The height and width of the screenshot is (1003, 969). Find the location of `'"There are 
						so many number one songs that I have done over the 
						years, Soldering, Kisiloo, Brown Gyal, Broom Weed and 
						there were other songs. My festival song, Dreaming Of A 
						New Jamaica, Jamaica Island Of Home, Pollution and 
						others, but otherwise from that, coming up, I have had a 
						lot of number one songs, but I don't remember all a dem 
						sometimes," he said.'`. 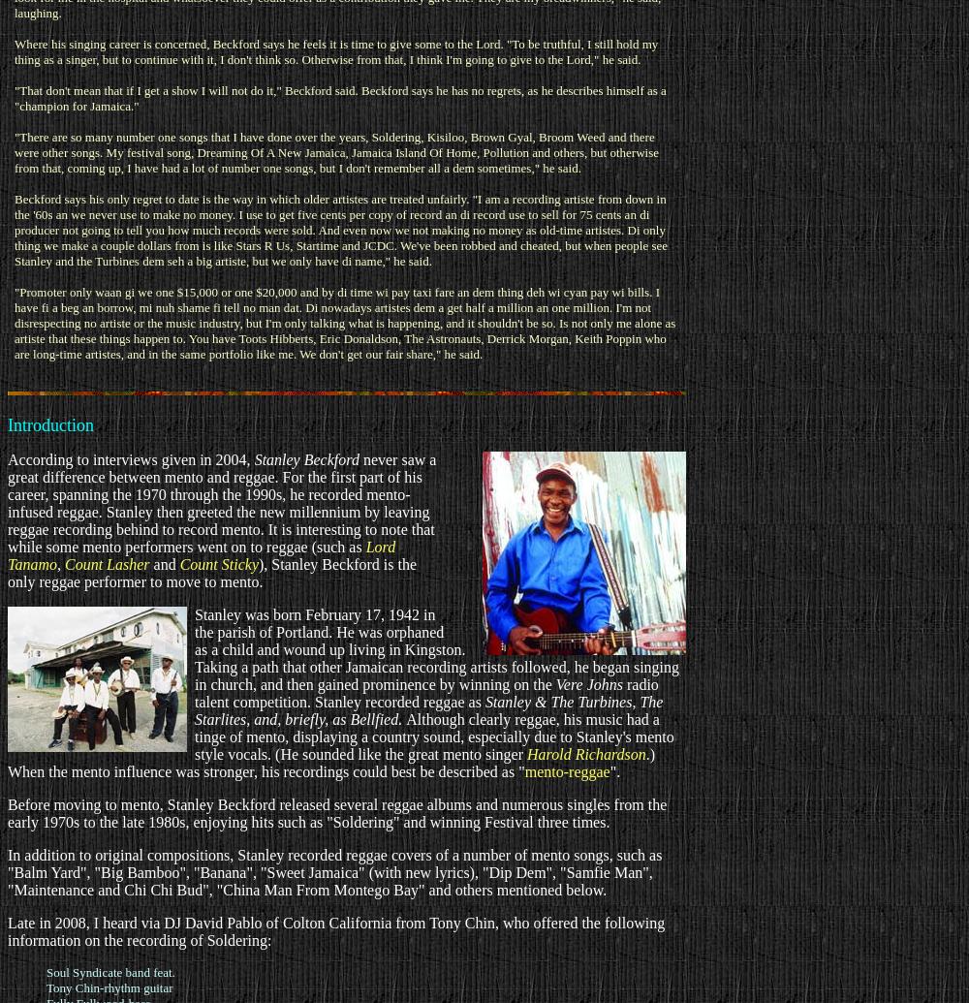

'"There are 
						so many number one songs that I have done over the 
						years, Soldering, Kisiloo, Brown Gyal, Broom Weed and 
						there were other songs. My festival song, Dreaming Of A 
						New Jamaica, Jamaica Island Of Home, Pollution and 
						others, but otherwise from that, coming up, I have had a 
						lot of number one songs, but I don't remember all a dem 
						sometimes," he said.' is located at coordinates (335, 152).